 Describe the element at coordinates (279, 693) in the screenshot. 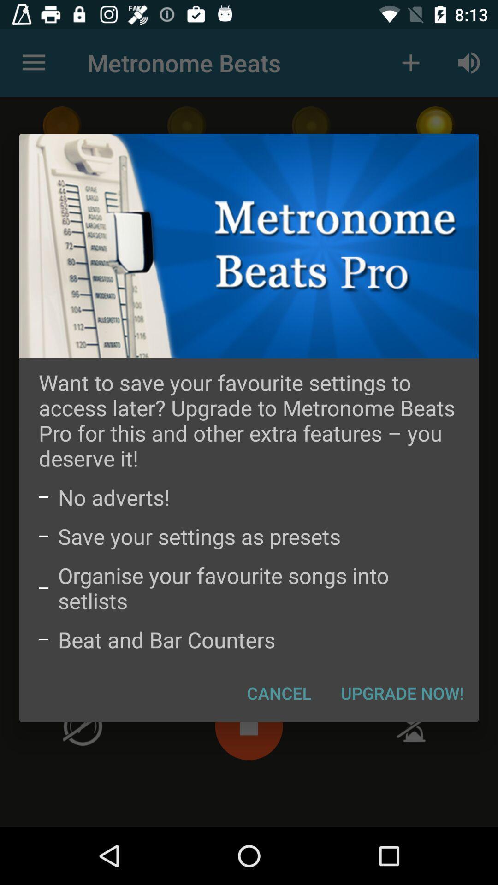

I see `the item at the bottom` at that location.